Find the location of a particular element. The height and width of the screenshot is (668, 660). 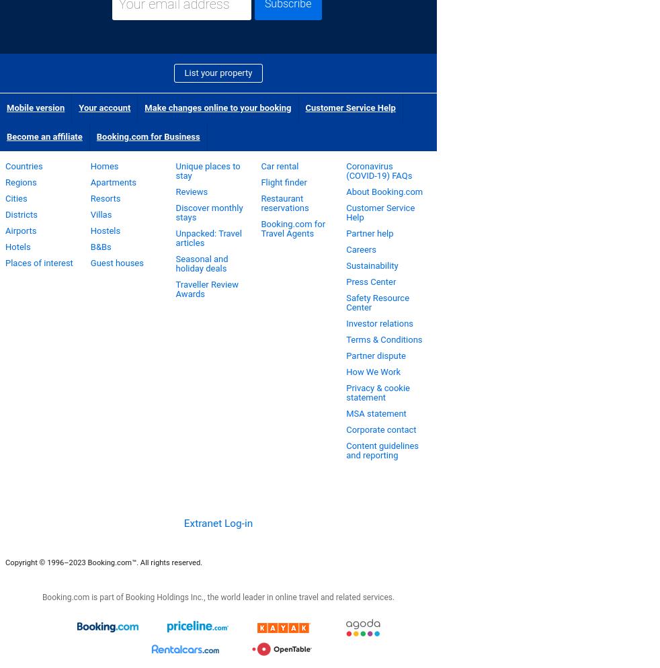

'Cities' is located at coordinates (15, 198).